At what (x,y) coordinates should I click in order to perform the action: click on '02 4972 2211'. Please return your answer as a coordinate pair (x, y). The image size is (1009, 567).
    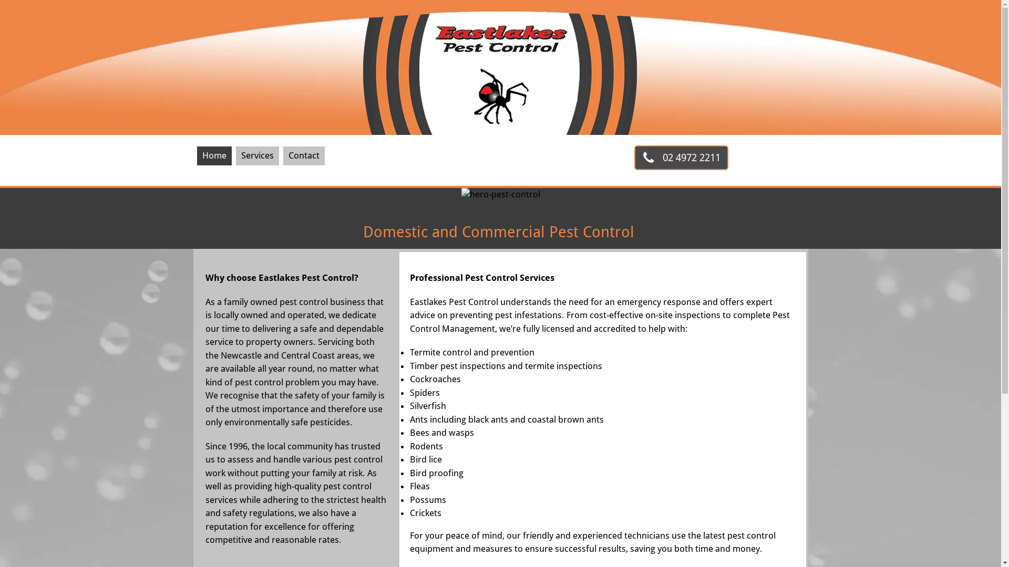
    Looking at the image, I should click on (681, 157).